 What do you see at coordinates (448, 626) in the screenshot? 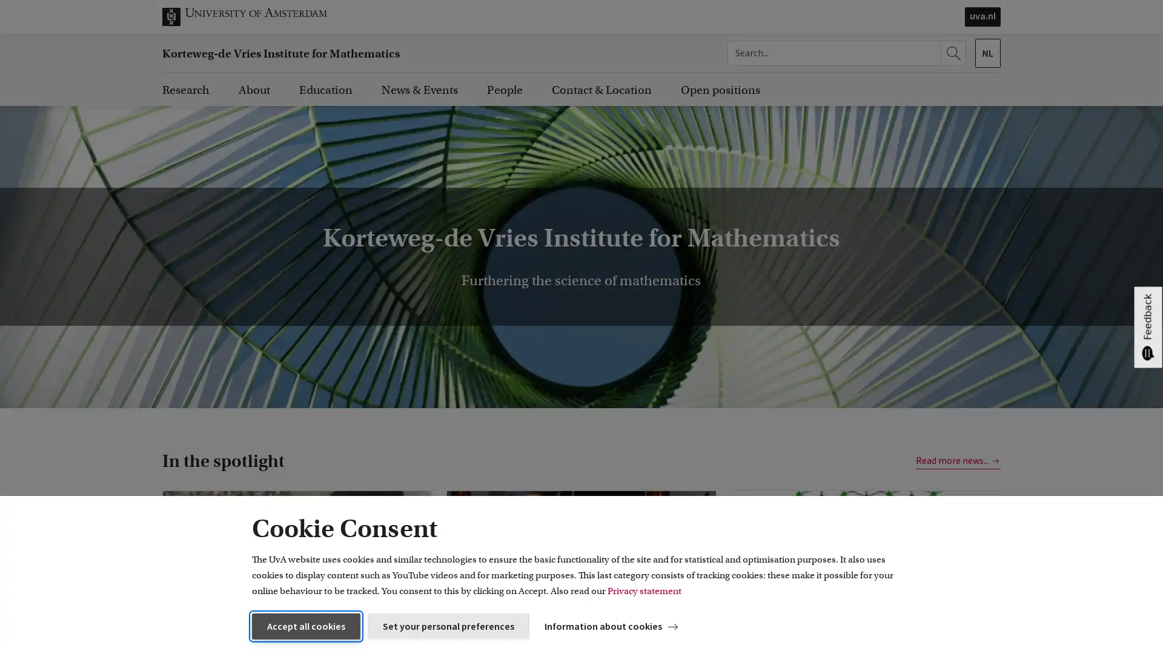
I see `Set your personal preferences` at bounding box center [448, 626].